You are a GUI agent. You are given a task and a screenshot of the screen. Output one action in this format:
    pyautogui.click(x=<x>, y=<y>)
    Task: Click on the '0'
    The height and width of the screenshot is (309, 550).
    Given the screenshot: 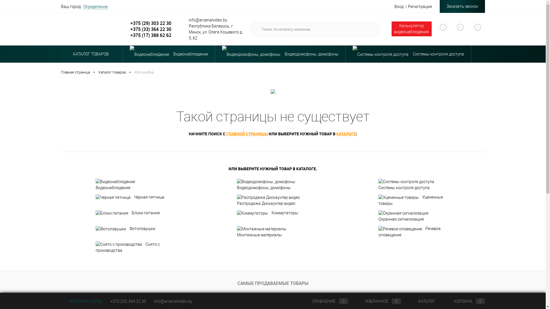 What is the action you would take?
    pyautogui.click(x=448, y=30)
    